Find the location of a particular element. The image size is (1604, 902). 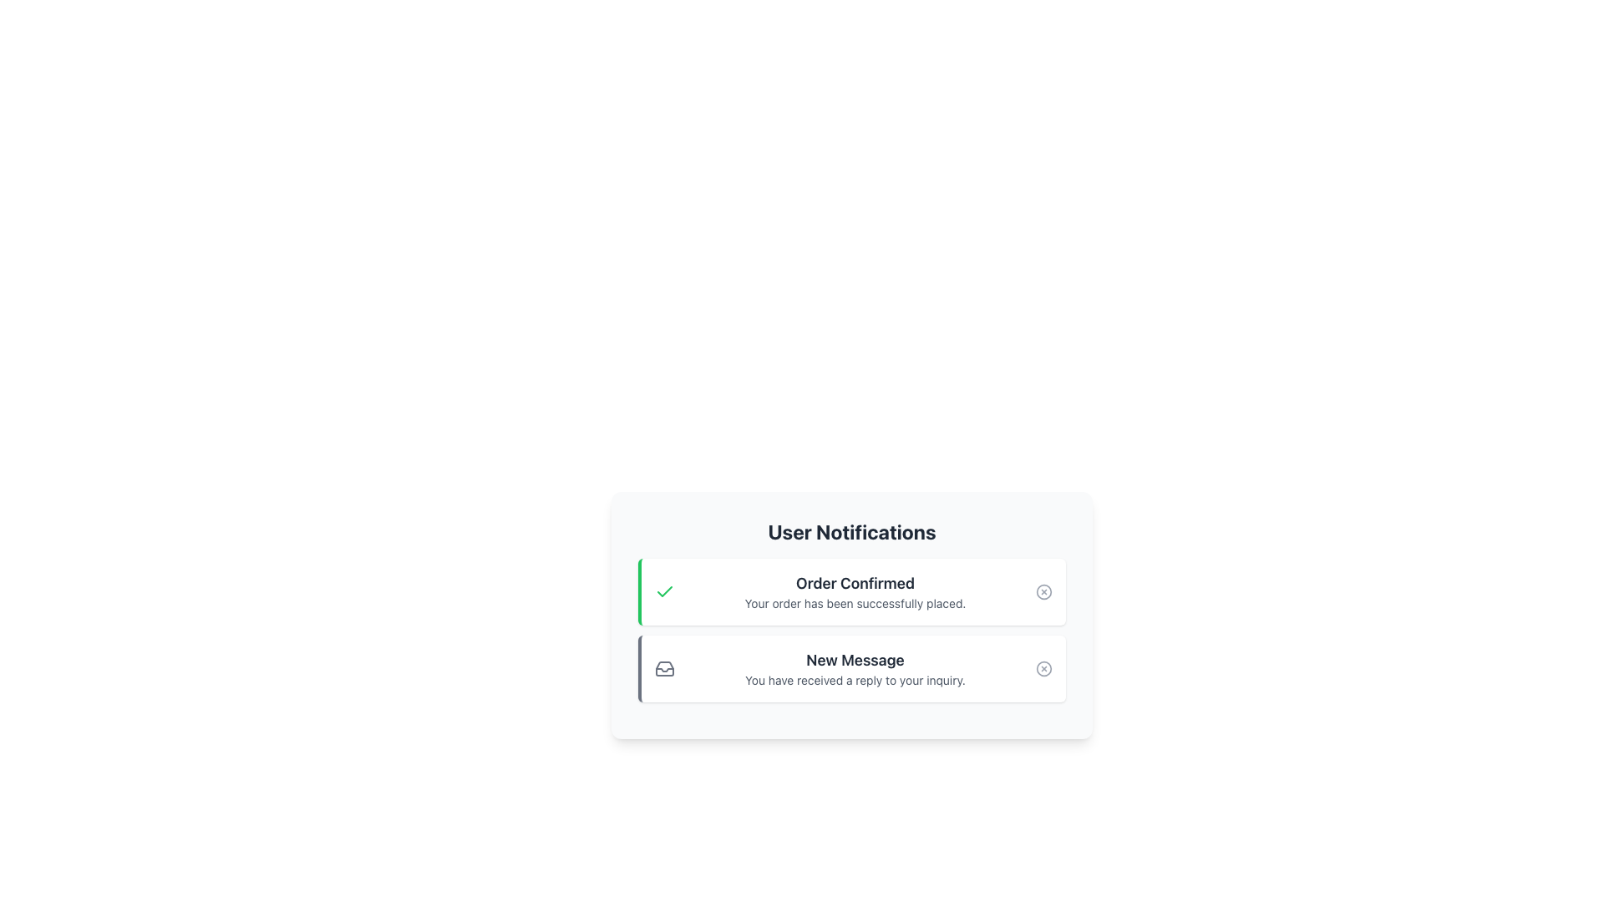

the Text Label that provides additional information related to the 'New Message' notification, positioned directly below the heading within the notification card is located at coordinates (855, 680).